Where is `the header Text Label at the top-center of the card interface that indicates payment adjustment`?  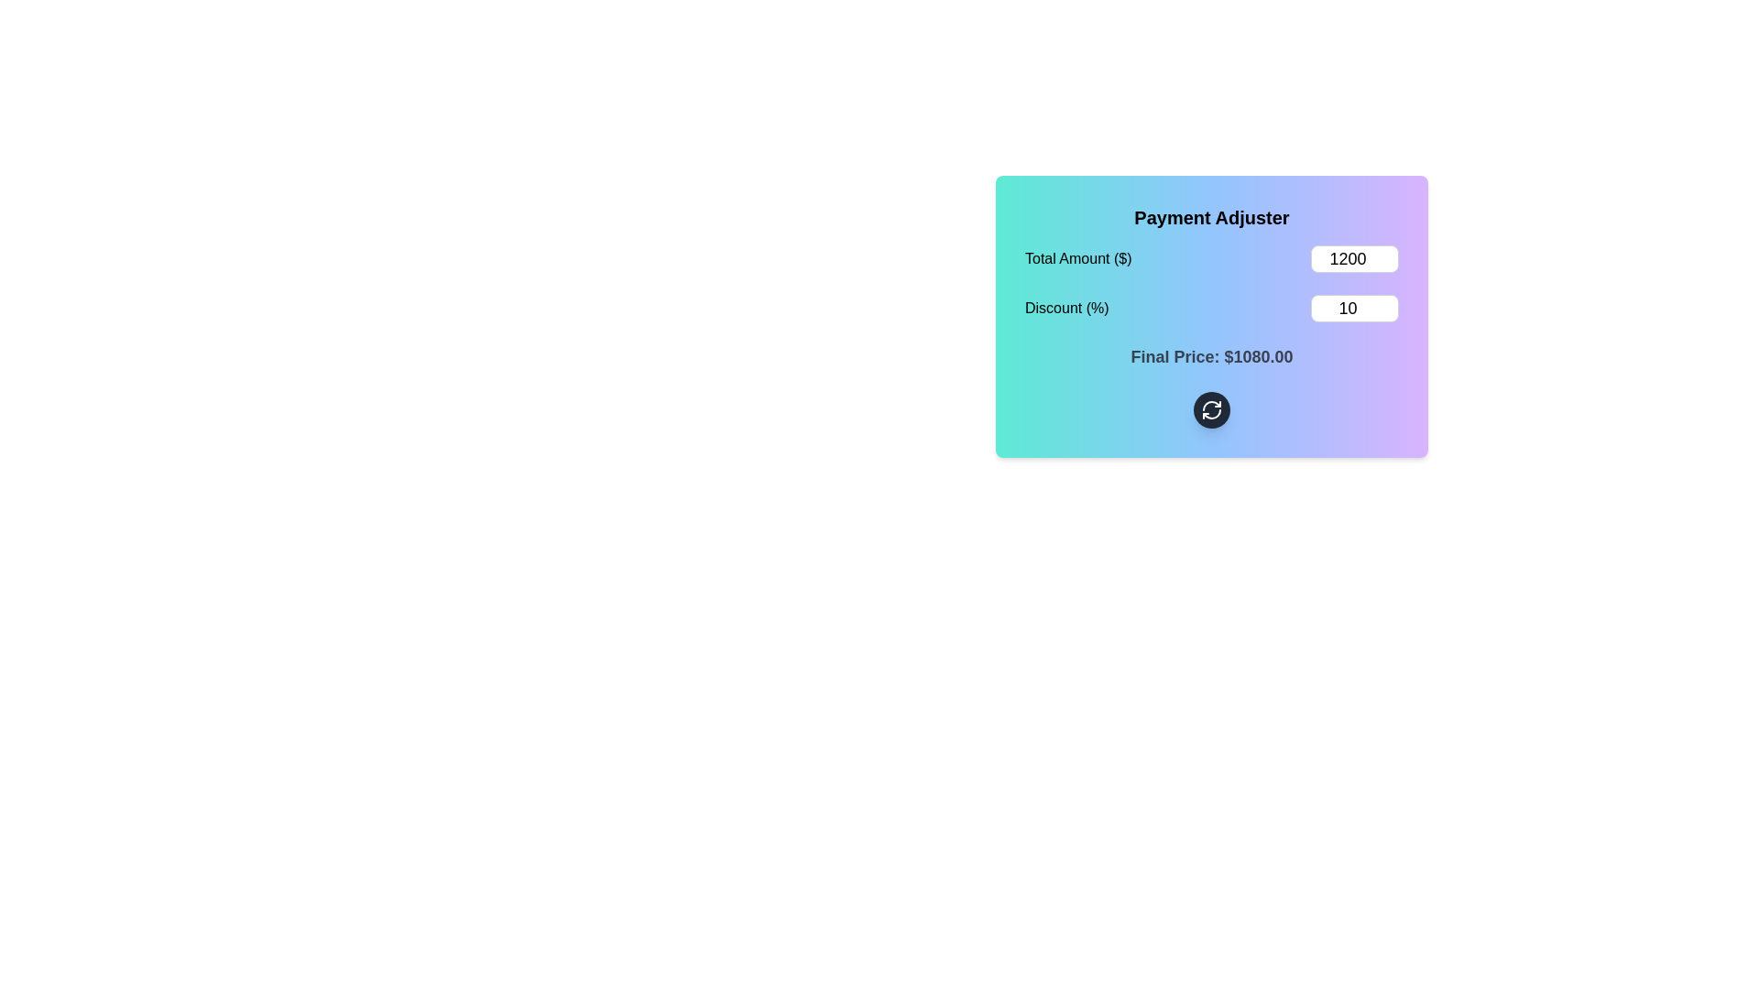 the header Text Label at the top-center of the card interface that indicates payment adjustment is located at coordinates (1212, 217).